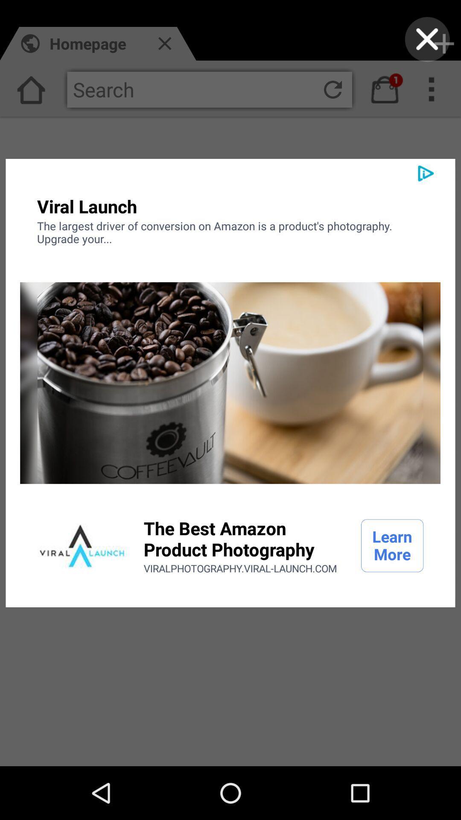  I want to click on the item next to the best amazon icon, so click(392, 545).